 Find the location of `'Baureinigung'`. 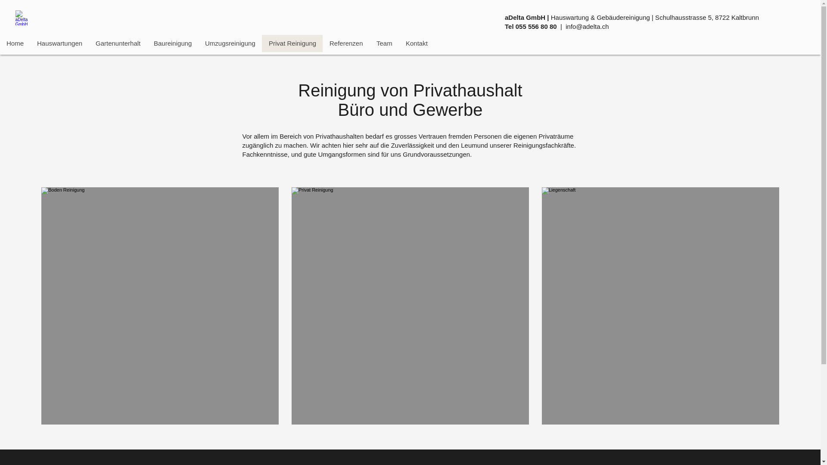

'Baureinigung' is located at coordinates (172, 43).